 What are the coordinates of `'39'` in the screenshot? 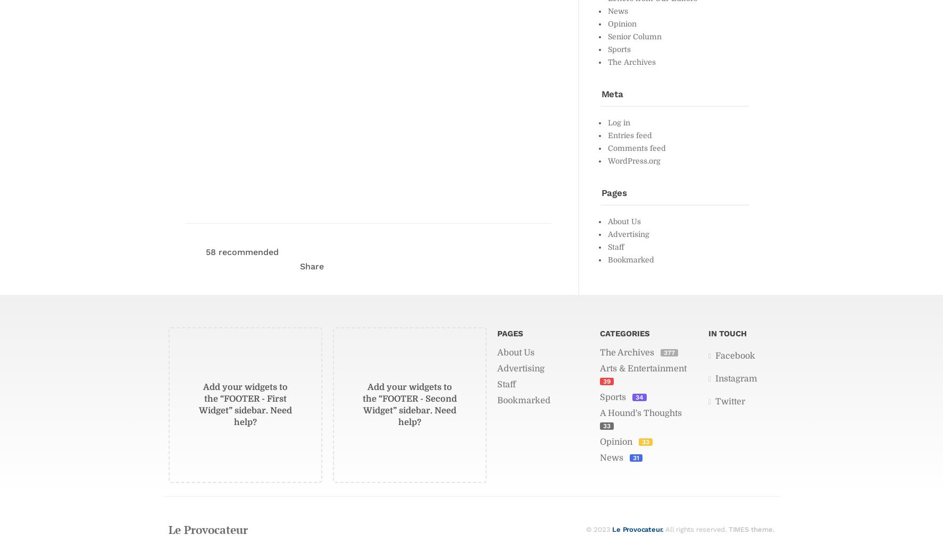 It's located at (606, 380).